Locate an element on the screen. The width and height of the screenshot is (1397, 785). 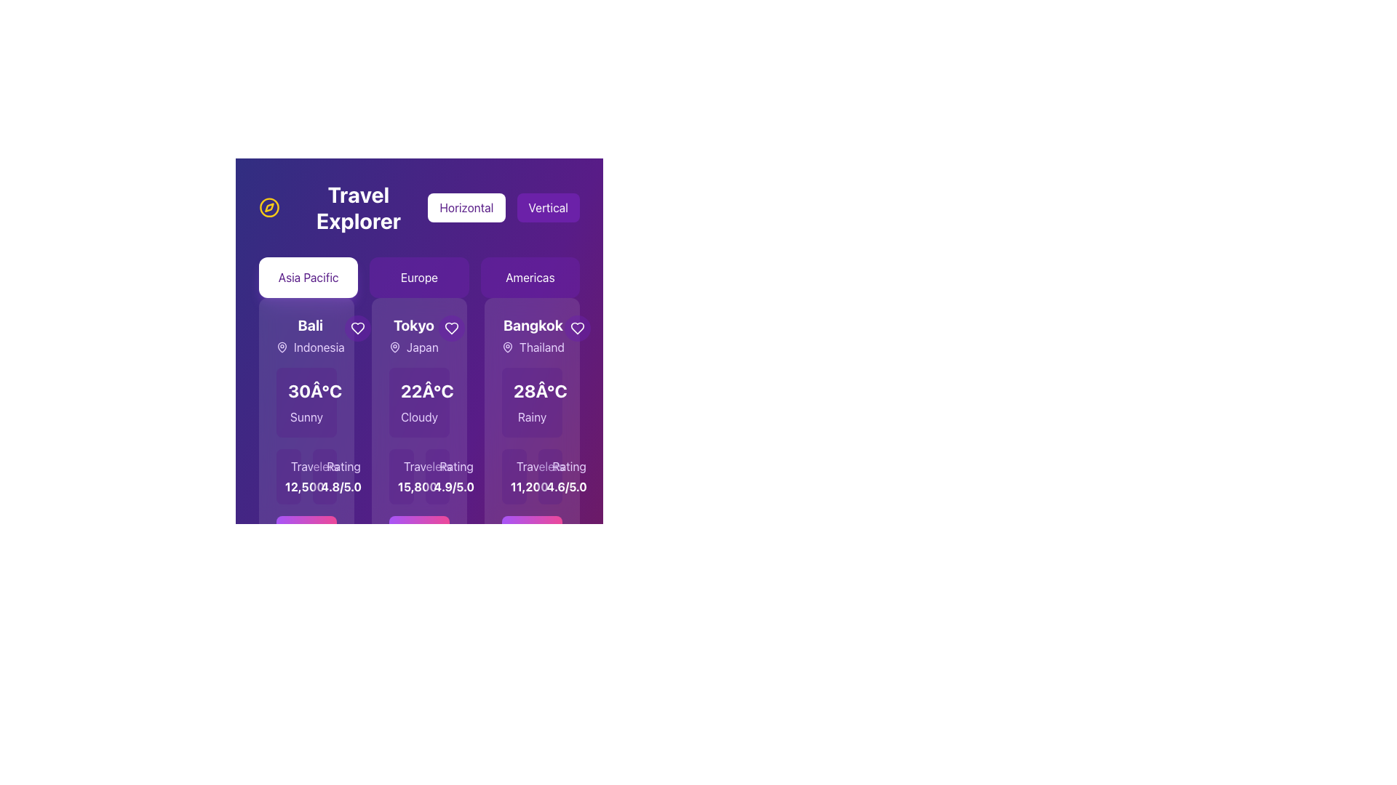
displayed text 'Cloudy' from the text label located at the lower portion of the weather card for Tokyo, which is styled in light purple and has lowercase lettering with capitalization only at the beginning is located at coordinates (418, 417).